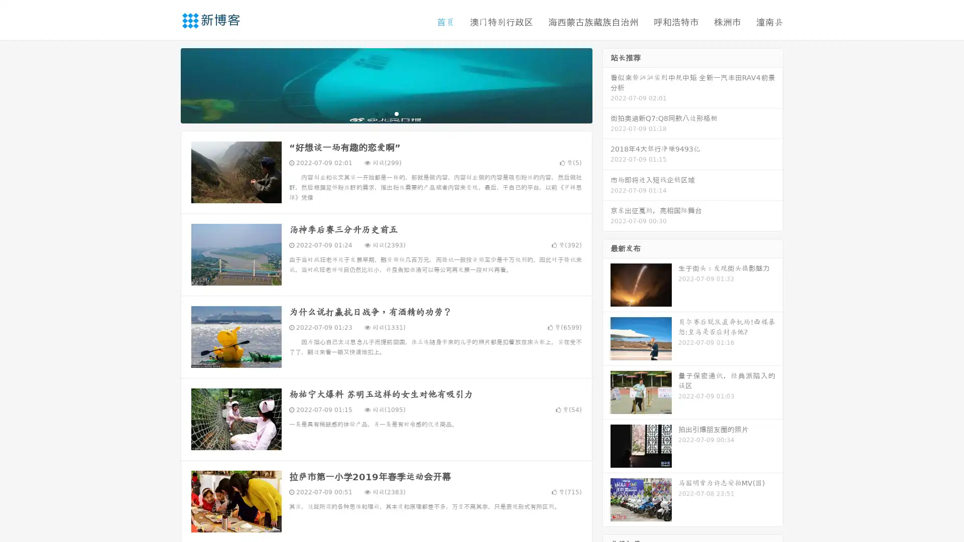  I want to click on Go to slide 3, so click(396, 113).